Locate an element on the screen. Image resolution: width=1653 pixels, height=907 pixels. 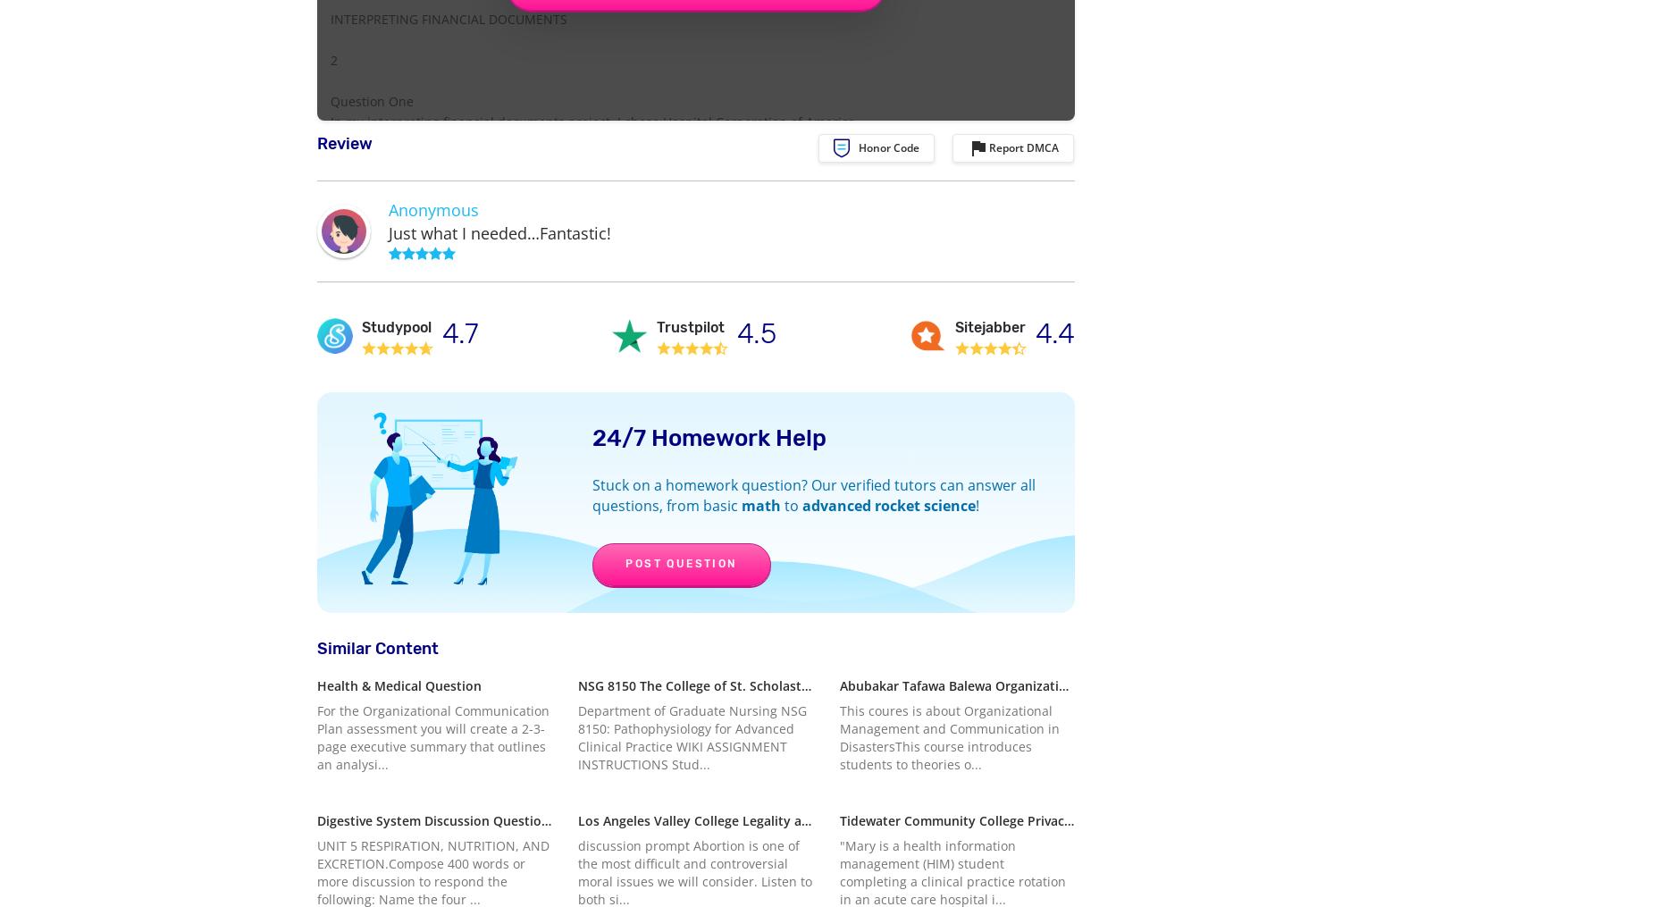
'2' is located at coordinates (333, 59).